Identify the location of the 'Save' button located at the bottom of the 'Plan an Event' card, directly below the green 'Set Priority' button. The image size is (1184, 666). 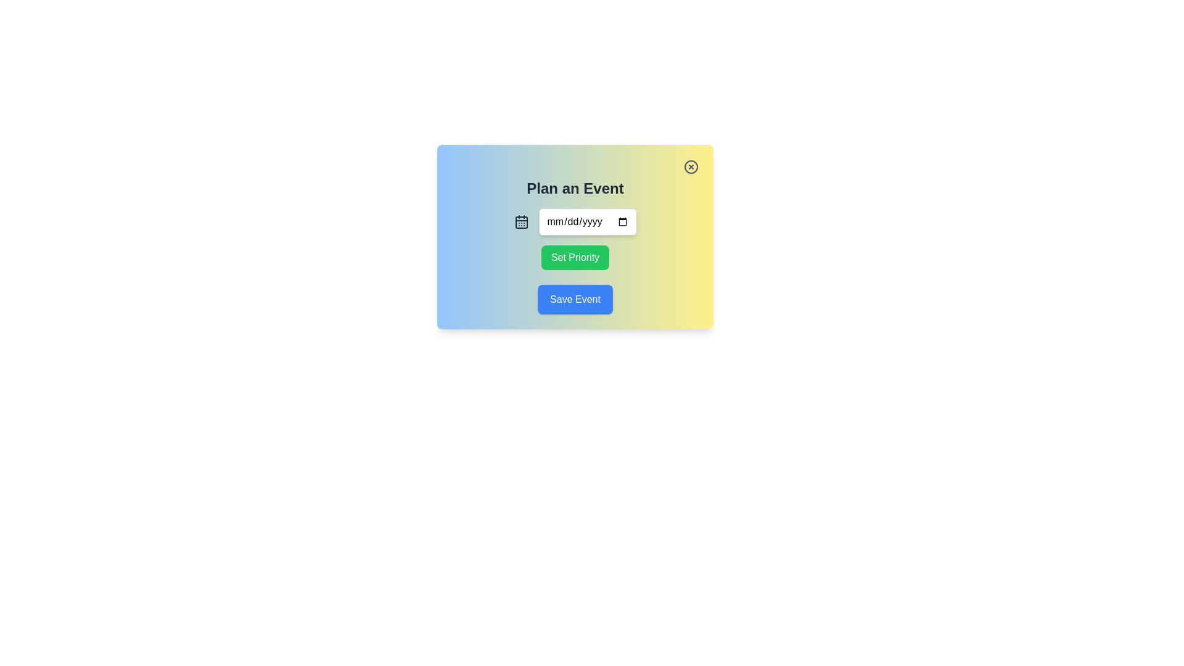
(574, 300).